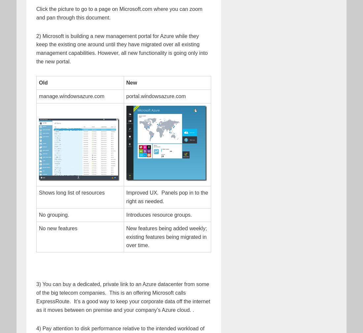 This screenshot has height=333, width=363. Describe the element at coordinates (72, 192) in the screenshot. I see `'Shows long list of resources'` at that location.